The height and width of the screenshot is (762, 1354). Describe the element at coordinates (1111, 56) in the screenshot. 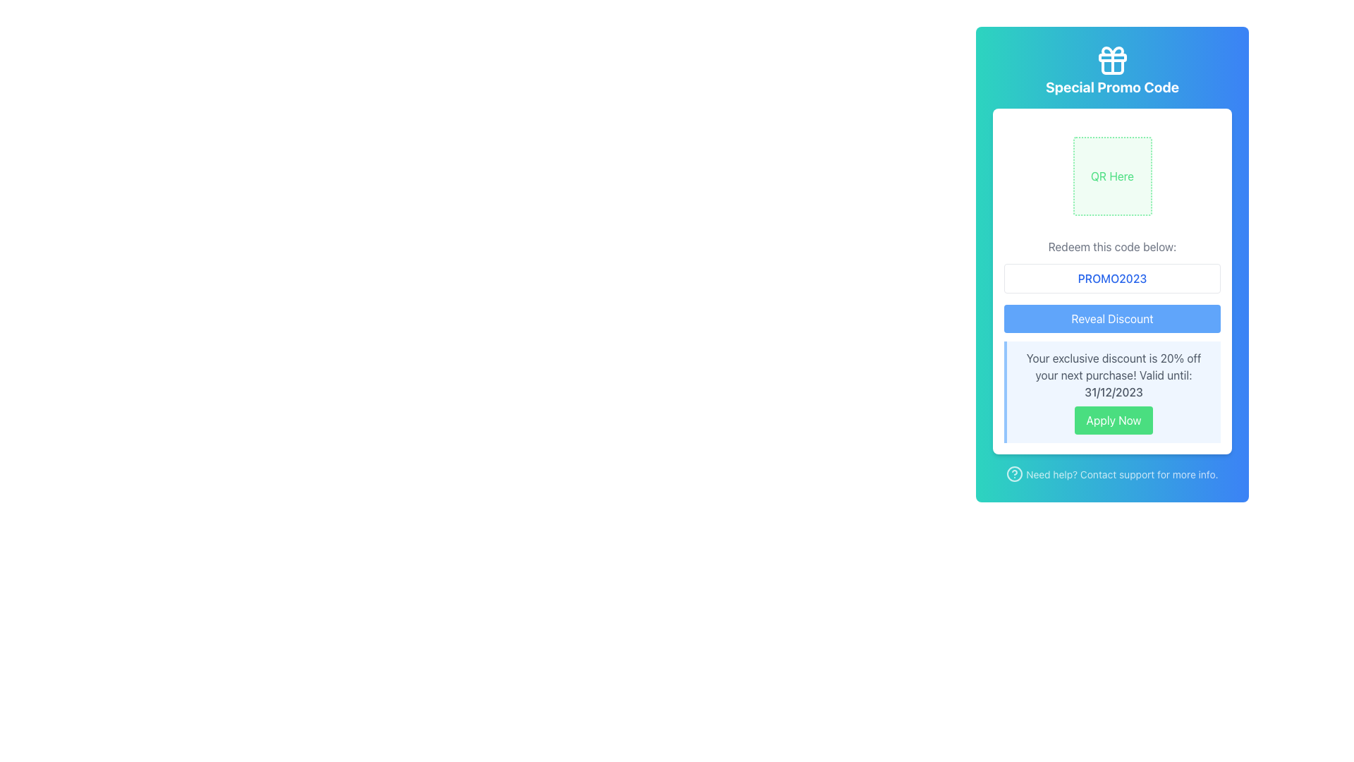

I see `the decorative graphic component that is part of the gift icon, positioned between the gift's bow and the 'Special Promo Code' text` at that location.